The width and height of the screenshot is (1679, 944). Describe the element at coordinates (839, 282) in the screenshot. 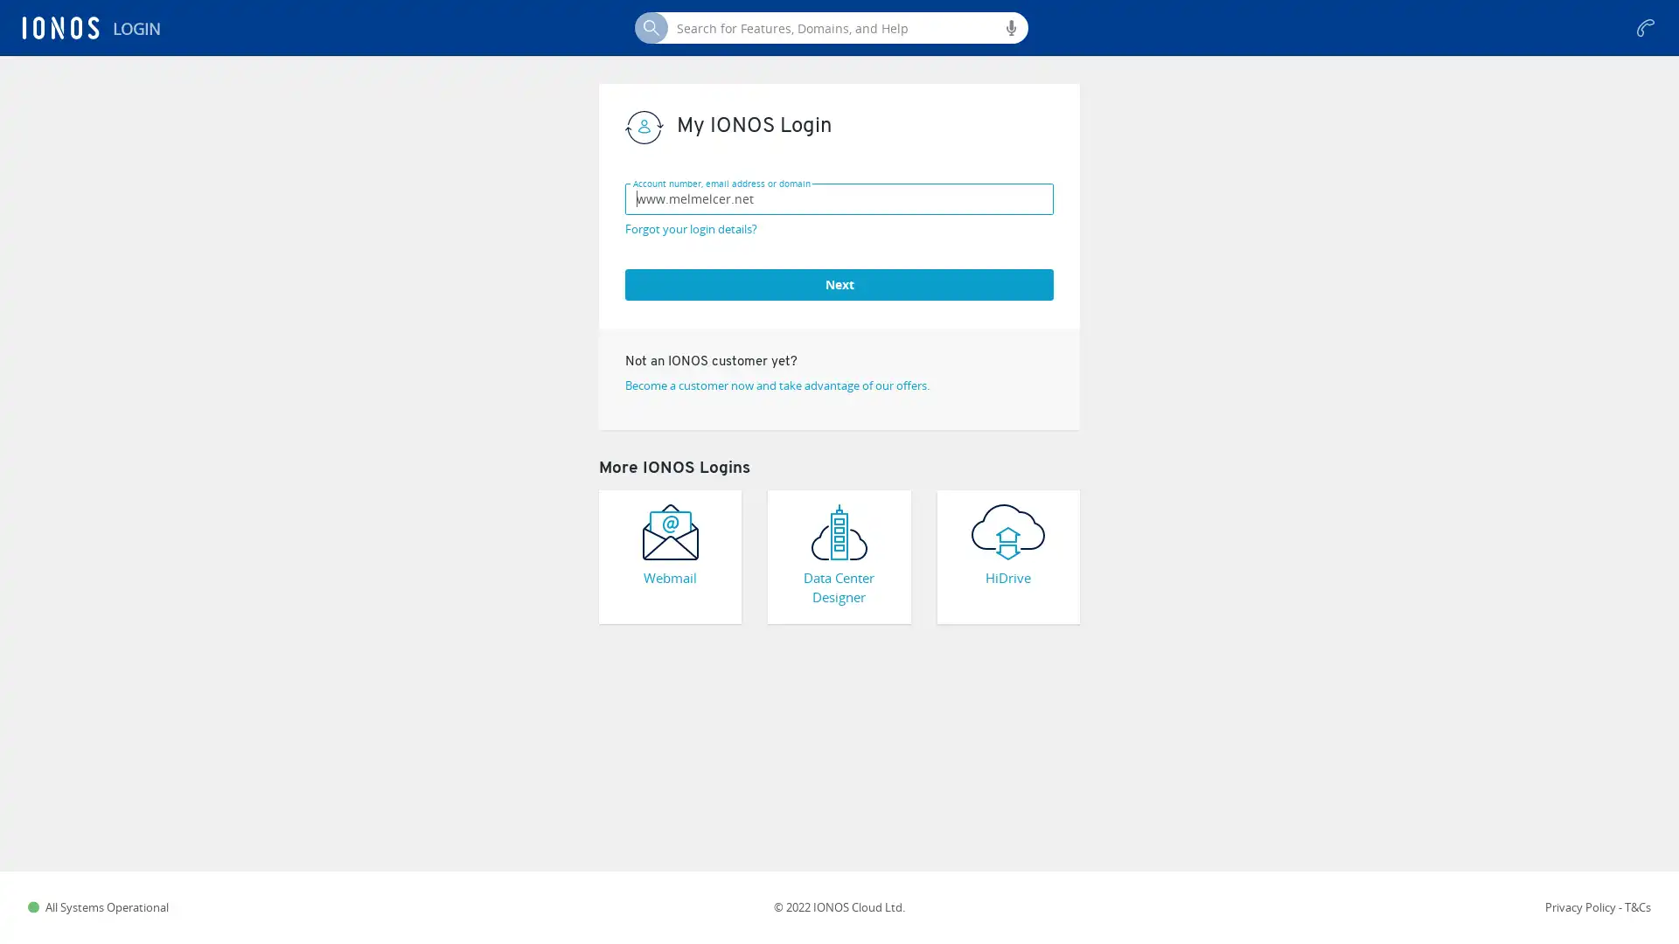

I see `Next` at that location.